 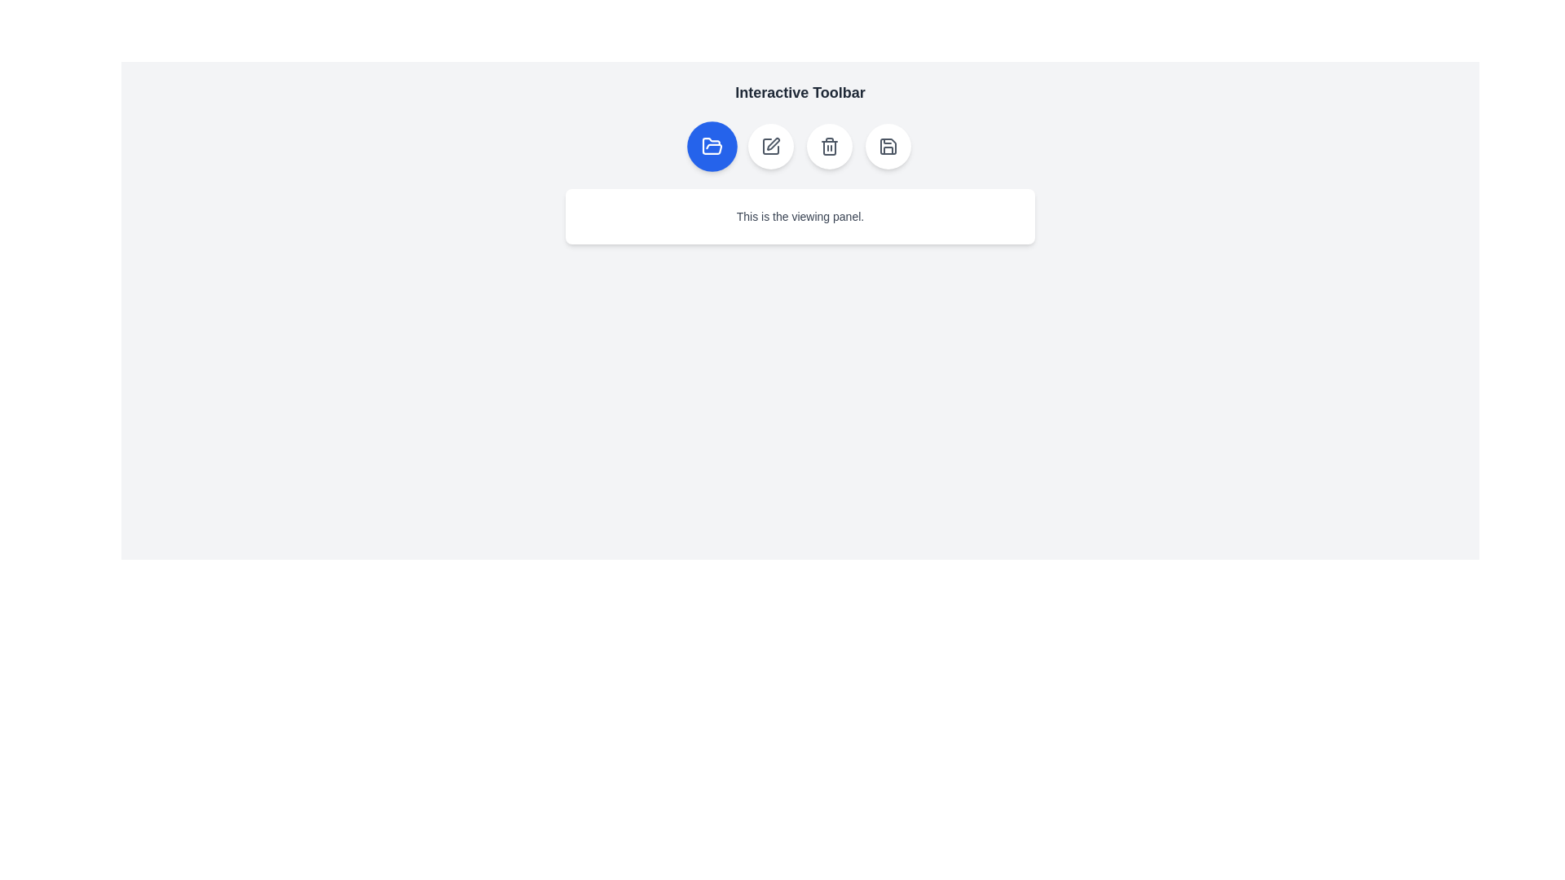 What do you see at coordinates (887, 147) in the screenshot?
I see `the save icon, which is a vector graphic resembling a diskette and located at the right-most end of the toolbar, slightly above the text 'This is the viewing panel.'` at bounding box center [887, 147].